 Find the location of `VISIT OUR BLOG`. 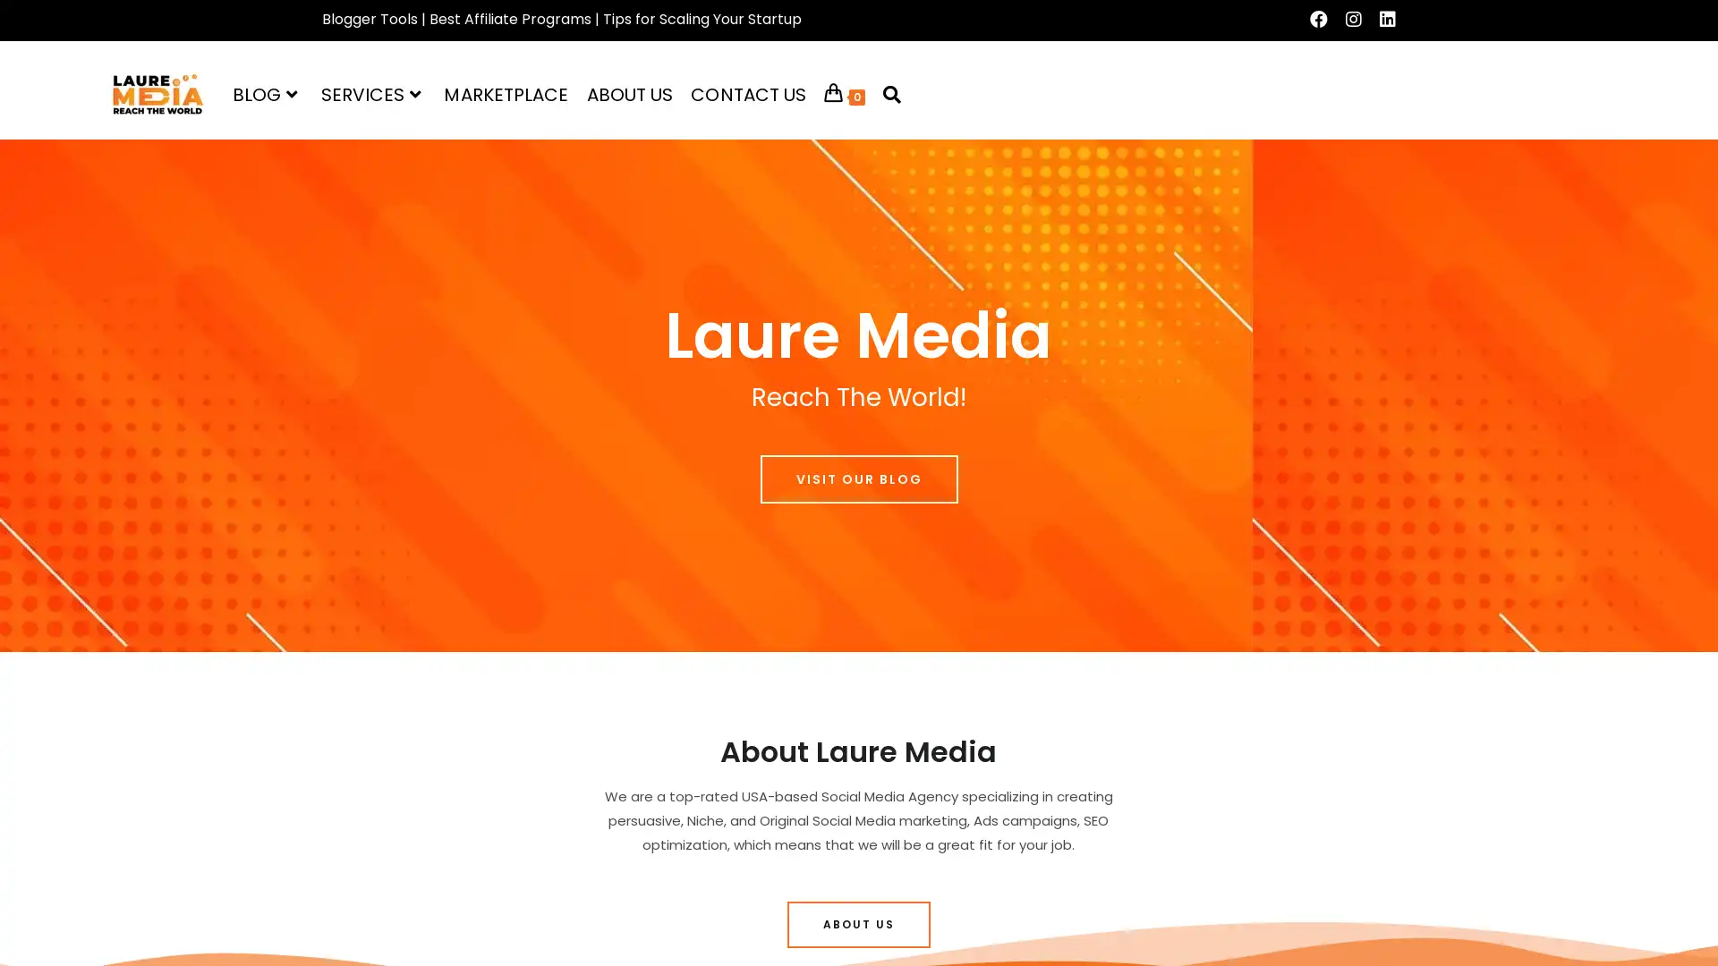

VISIT OUR BLOG is located at coordinates (857, 478).